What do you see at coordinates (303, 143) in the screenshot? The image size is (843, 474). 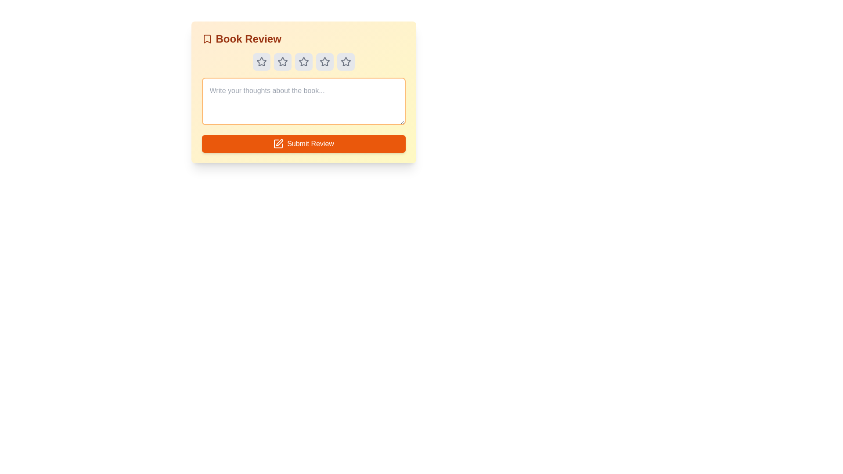 I see `the 'Submit Review' button to submit the review` at bounding box center [303, 143].